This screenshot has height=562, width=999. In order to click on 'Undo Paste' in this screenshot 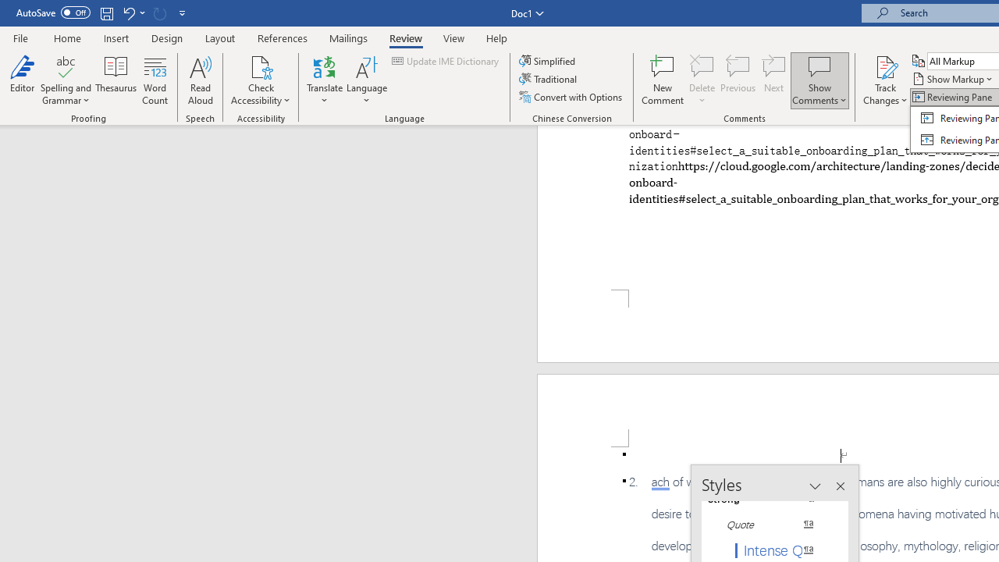, I will do `click(128, 12)`.